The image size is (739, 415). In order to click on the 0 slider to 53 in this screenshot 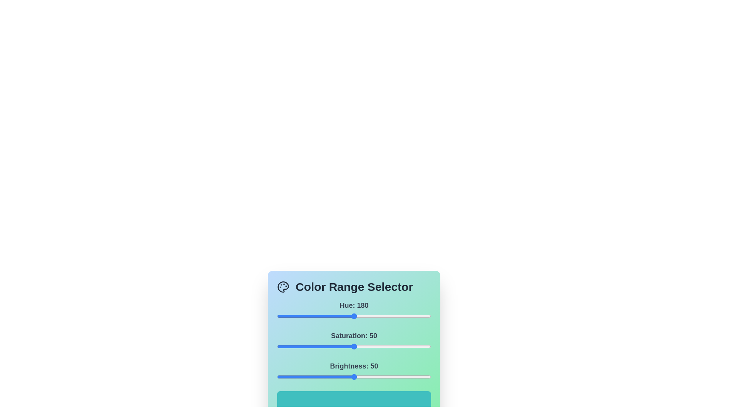, I will do `click(299, 316)`.